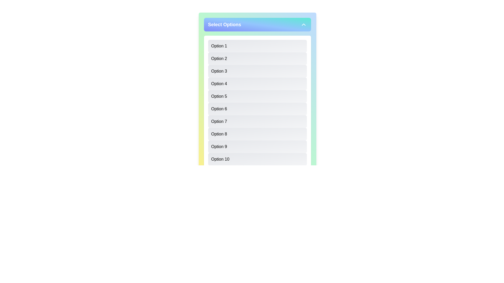 Image resolution: width=504 pixels, height=283 pixels. What do you see at coordinates (219, 58) in the screenshot?
I see `the text label 'Option 2' within the light gray list box in the dropdown panel titled 'Select Options'` at bounding box center [219, 58].